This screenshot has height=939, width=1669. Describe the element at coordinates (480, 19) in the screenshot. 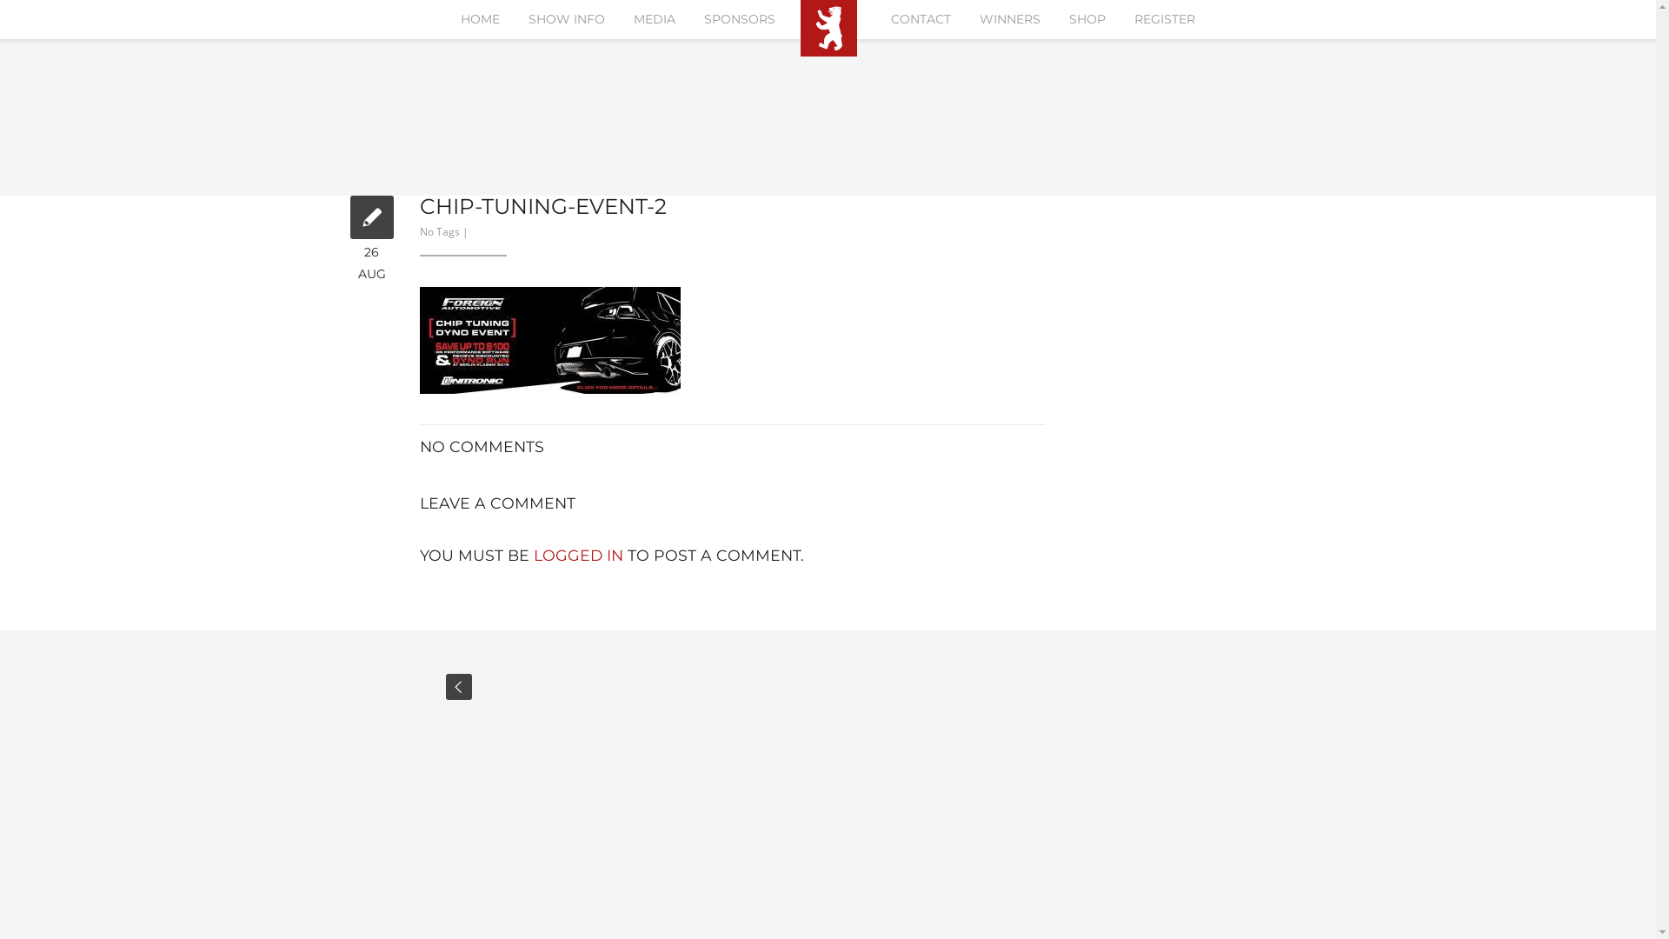

I see `'HOME'` at that location.